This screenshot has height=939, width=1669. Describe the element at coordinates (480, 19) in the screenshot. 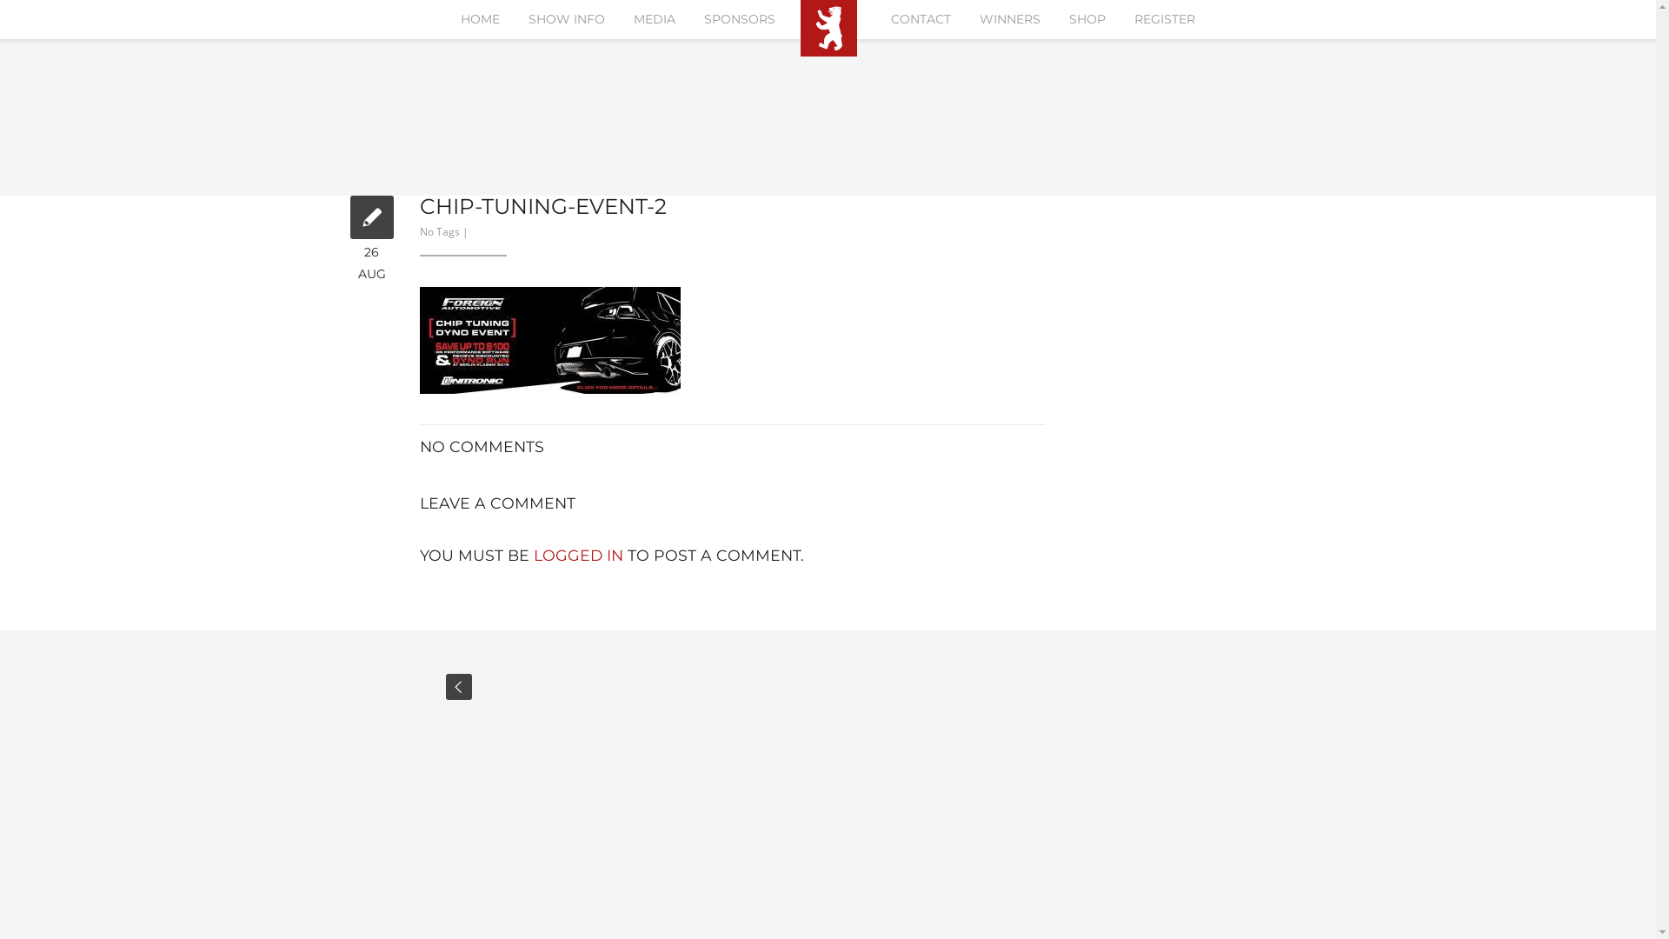

I see `'HOME'` at that location.